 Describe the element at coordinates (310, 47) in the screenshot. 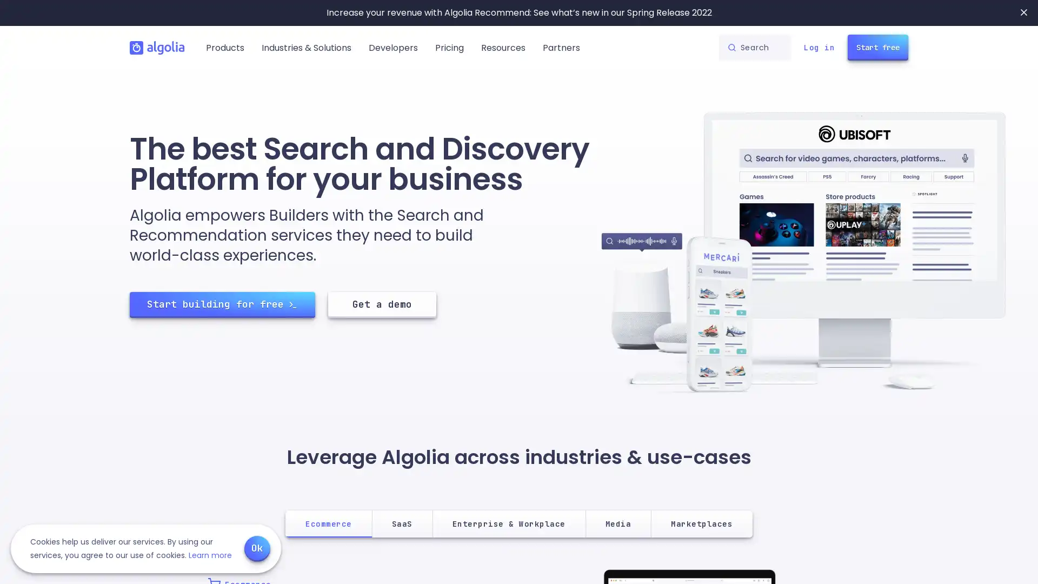

I see `Industries & Solutions` at that location.